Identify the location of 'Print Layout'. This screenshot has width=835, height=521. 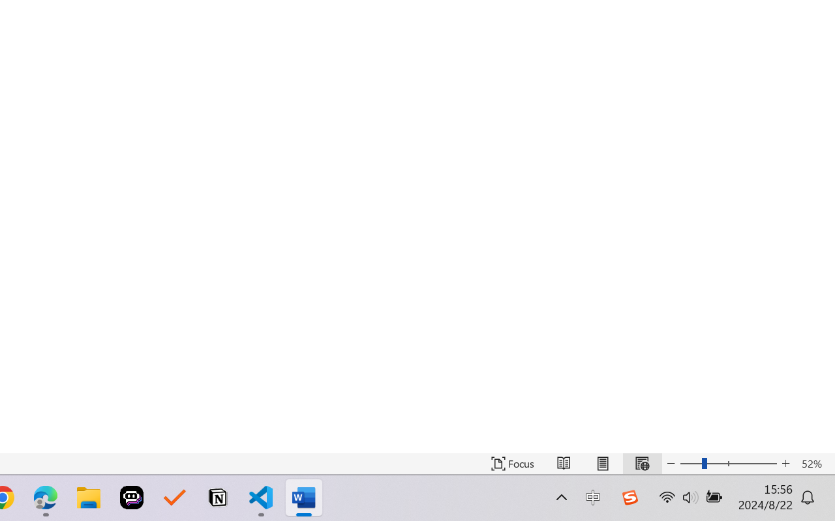
(602, 463).